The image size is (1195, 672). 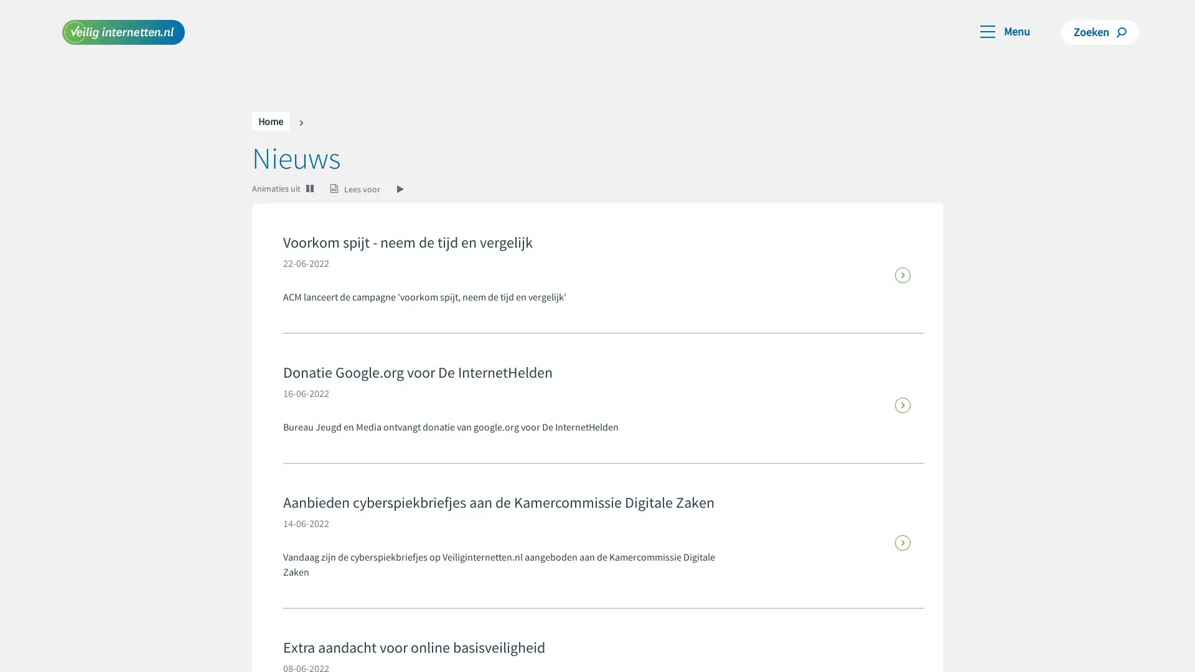 I want to click on Toggle navigation Menu, so click(x=1005, y=30).